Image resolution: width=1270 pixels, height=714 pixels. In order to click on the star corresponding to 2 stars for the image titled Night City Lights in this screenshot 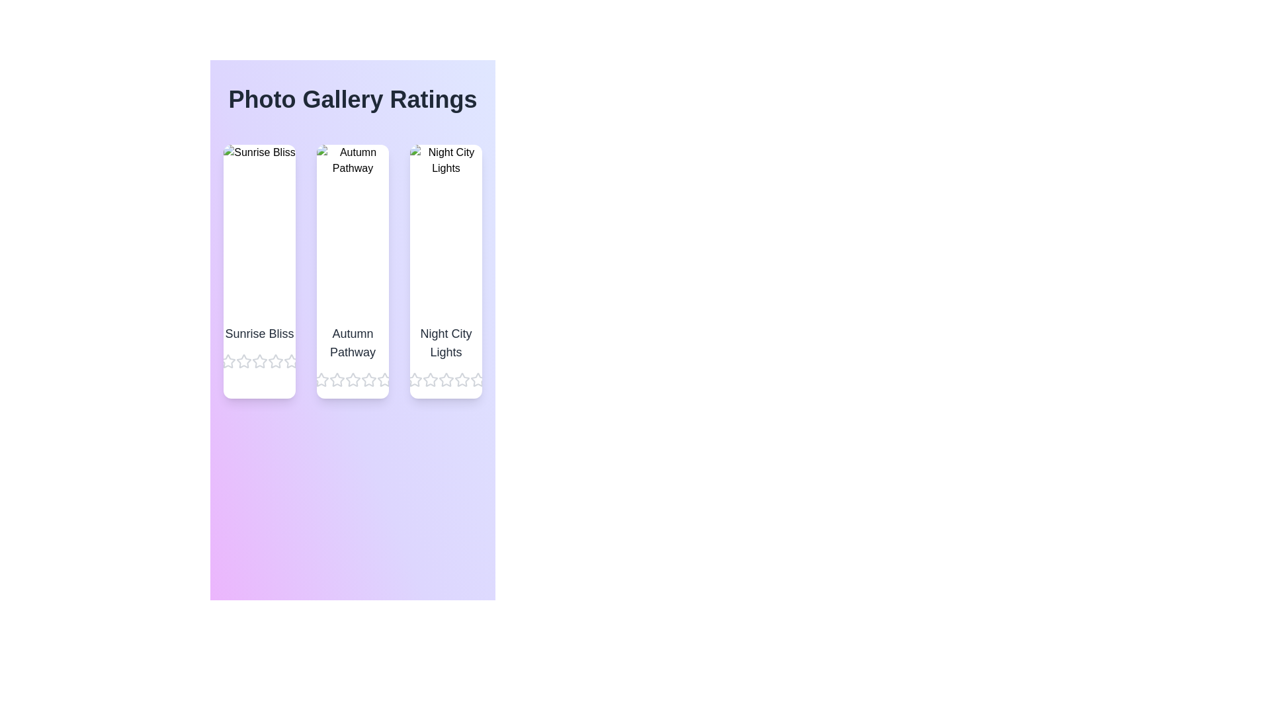, I will do `click(430, 379)`.